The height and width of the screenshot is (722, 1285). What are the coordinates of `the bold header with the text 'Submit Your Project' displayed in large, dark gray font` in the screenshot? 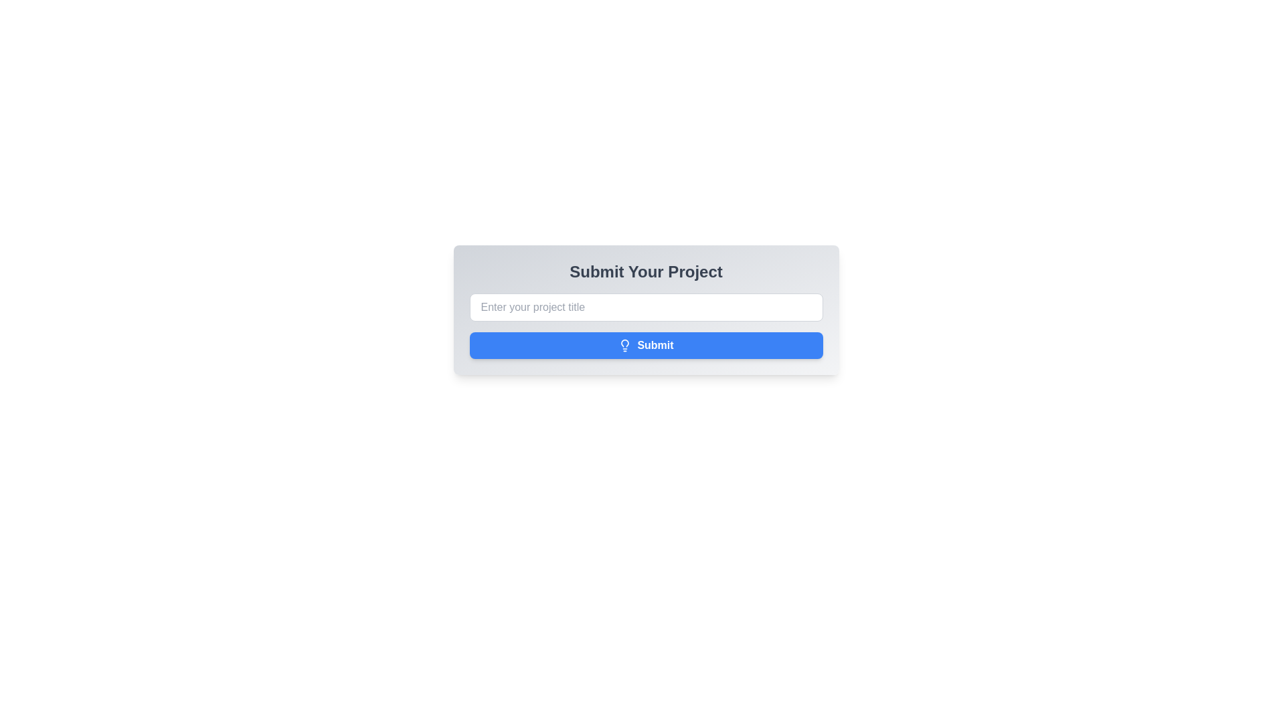 It's located at (646, 271).